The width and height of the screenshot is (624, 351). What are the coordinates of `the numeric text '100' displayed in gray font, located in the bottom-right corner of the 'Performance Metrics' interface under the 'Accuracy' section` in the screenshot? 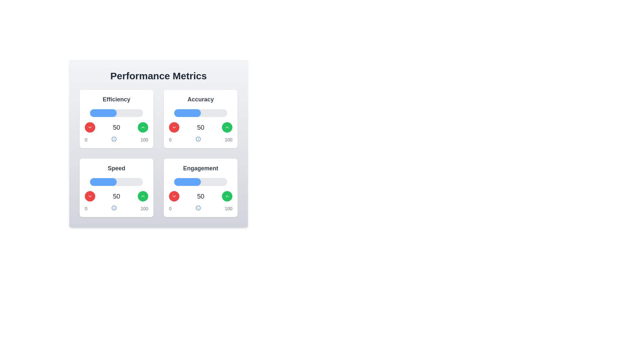 It's located at (228, 139).